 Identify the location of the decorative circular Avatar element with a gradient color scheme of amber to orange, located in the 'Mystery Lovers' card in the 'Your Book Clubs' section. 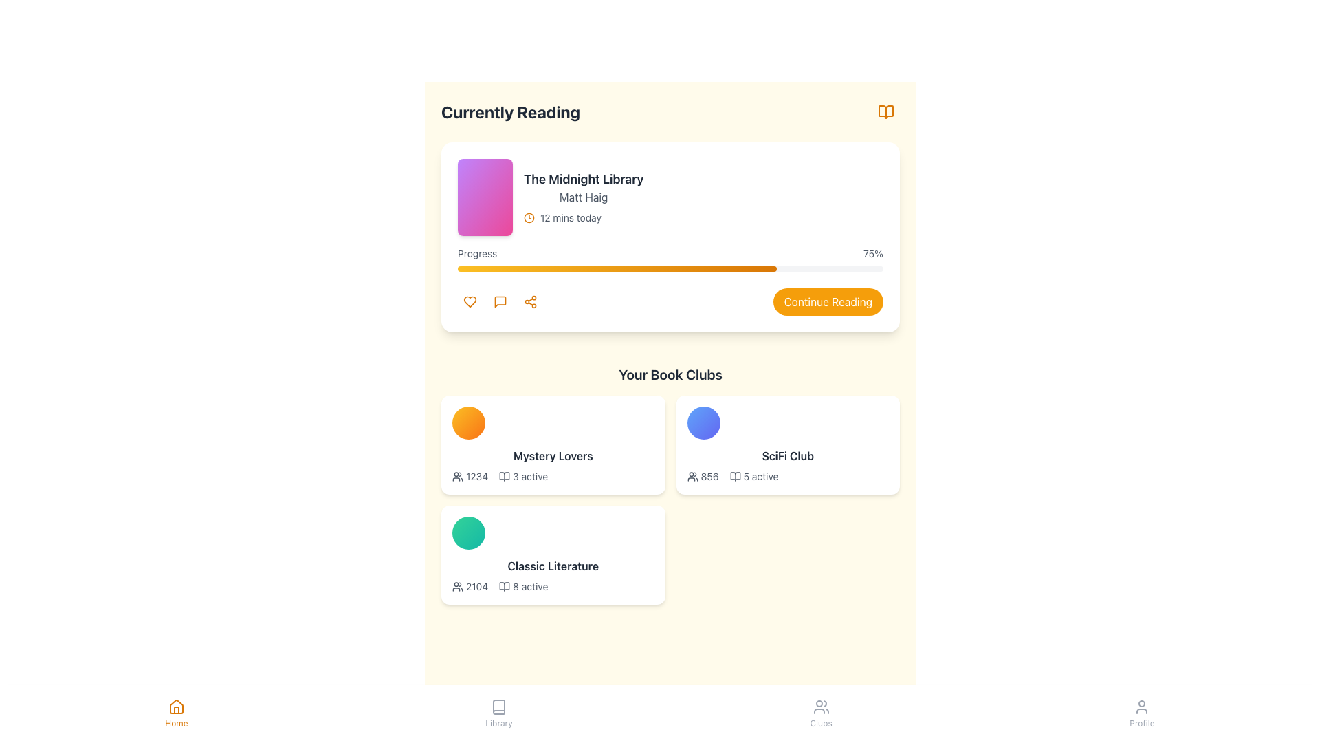
(468, 422).